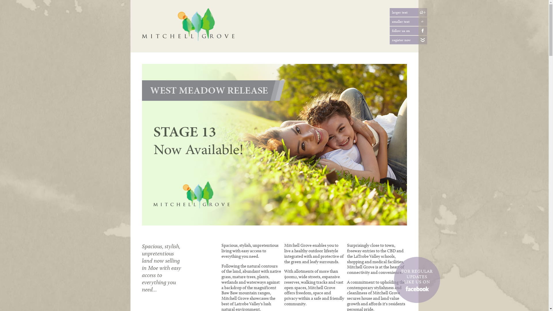 The width and height of the screenshot is (553, 311). I want to click on 'register now', so click(418, 39).